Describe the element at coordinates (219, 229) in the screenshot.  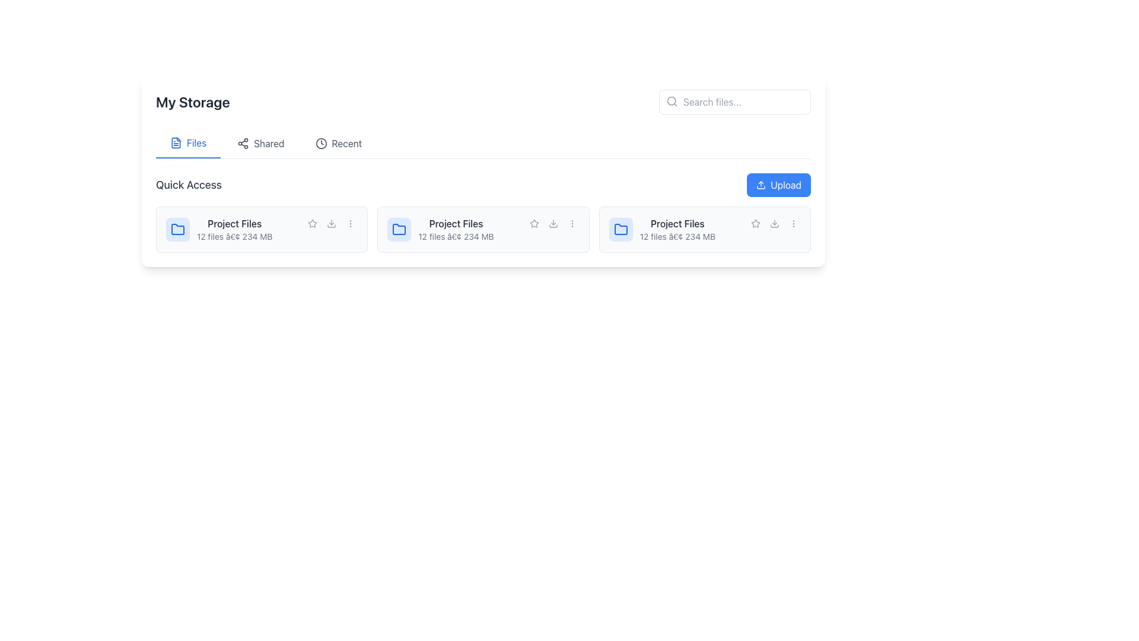
I see `the card with folder icon located in the 'Quick Access' section` at that location.